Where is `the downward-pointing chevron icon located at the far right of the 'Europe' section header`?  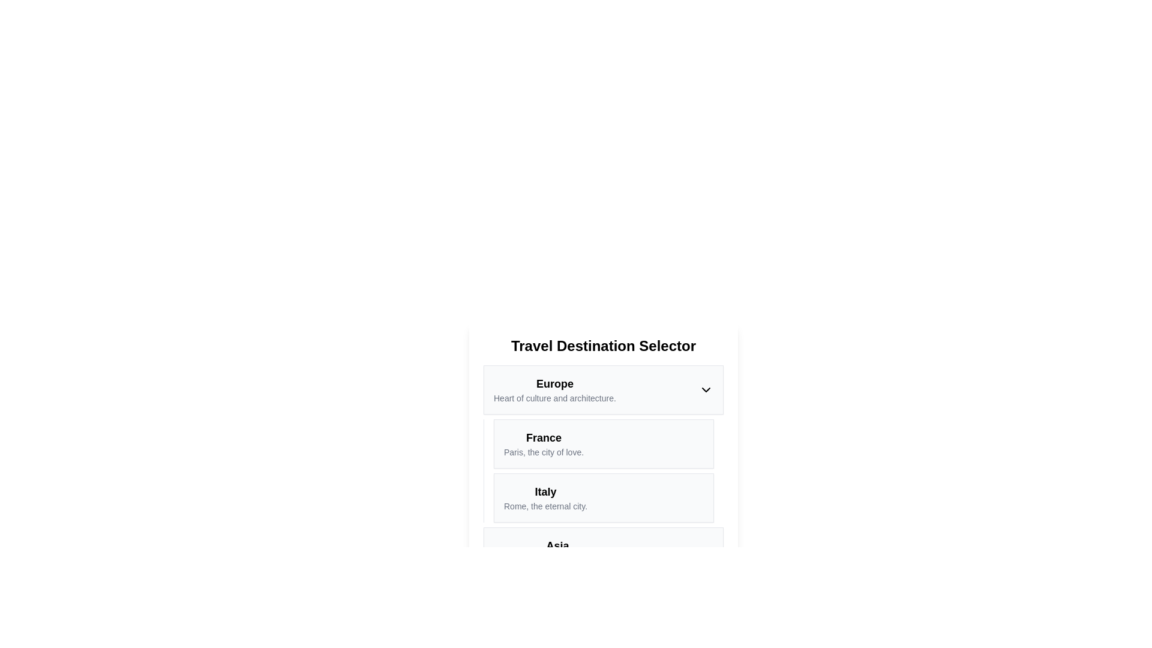 the downward-pointing chevron icon located at the far right of the 'Europe' section header is located at coordinates (706, 390).